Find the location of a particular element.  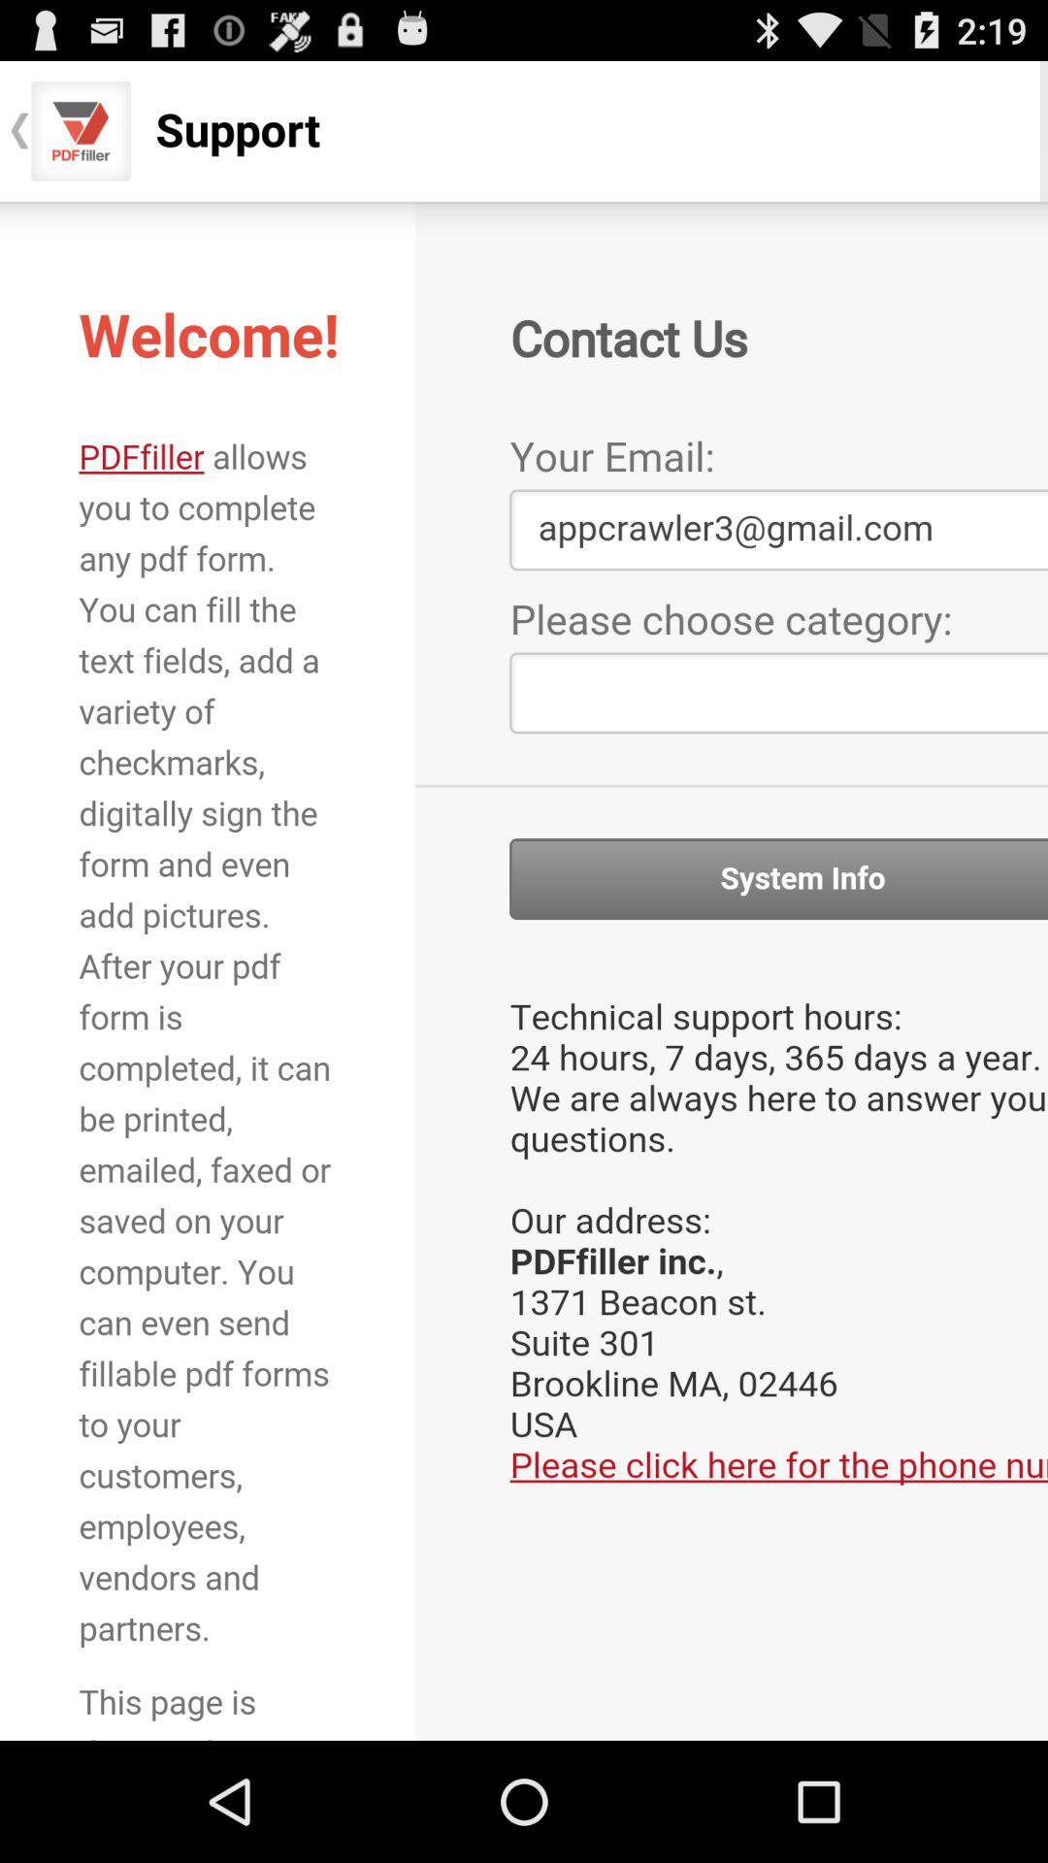

form page is located at coordinates (524, 970).